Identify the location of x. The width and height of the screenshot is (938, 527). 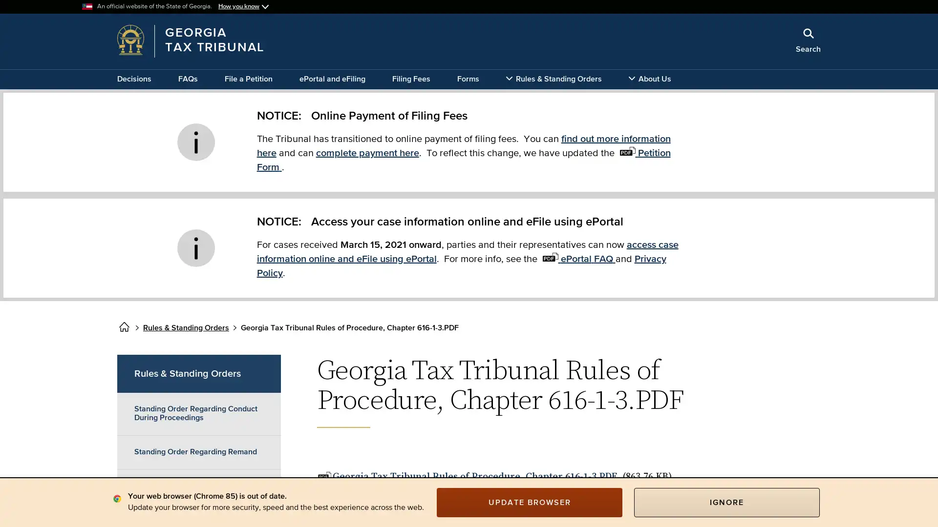
(210, 159).